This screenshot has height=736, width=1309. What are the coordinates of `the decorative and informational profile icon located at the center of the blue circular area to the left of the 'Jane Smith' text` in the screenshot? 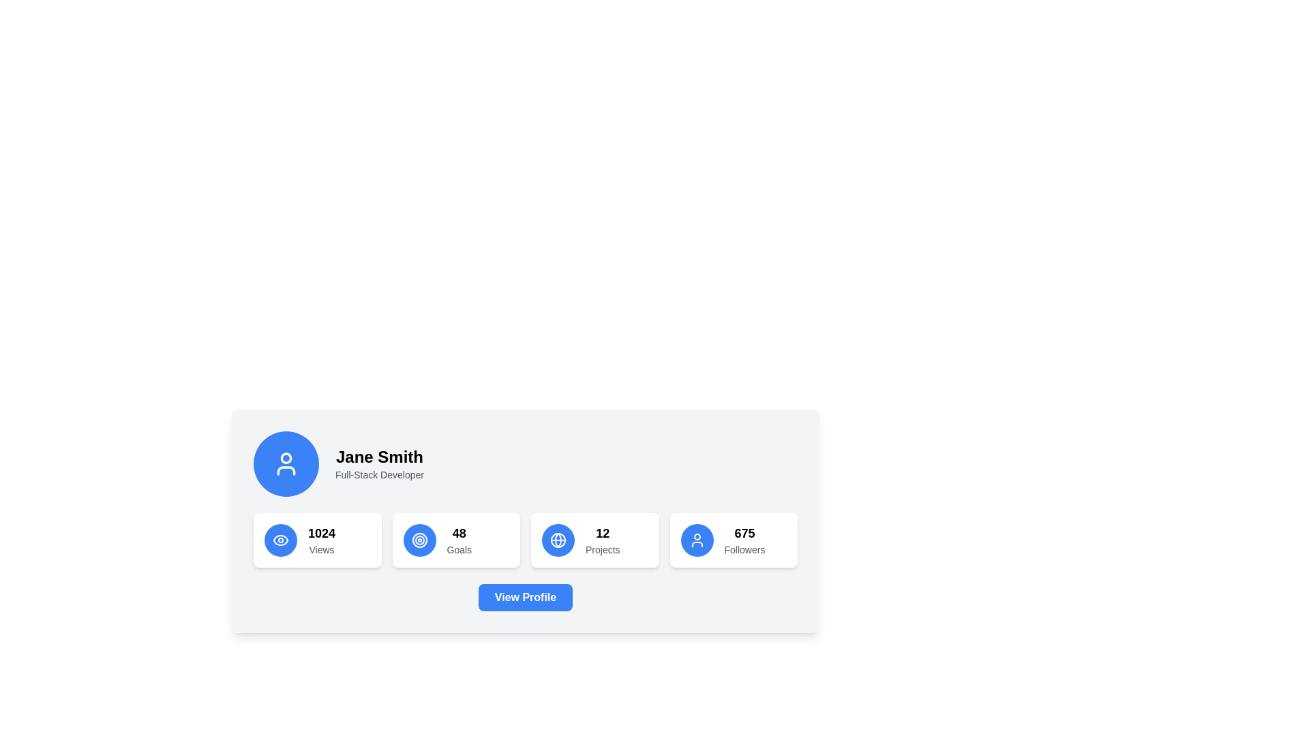 It's located at (286, 463).